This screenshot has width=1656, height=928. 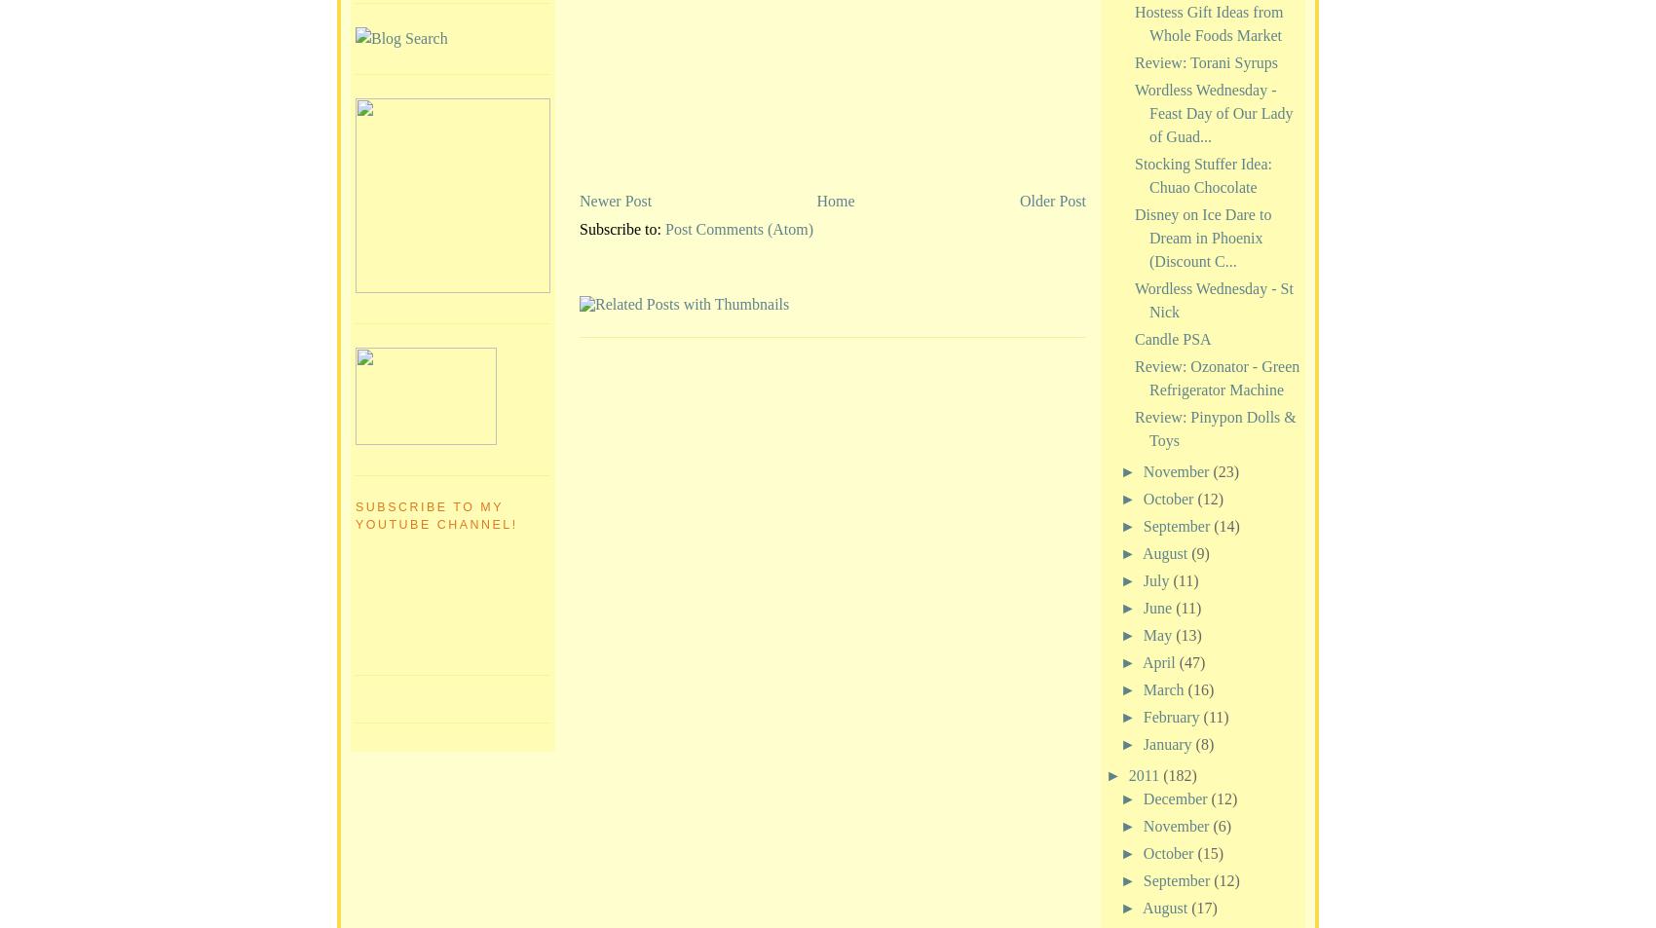 I want to click on 'January', so click(x=1168, y=743).